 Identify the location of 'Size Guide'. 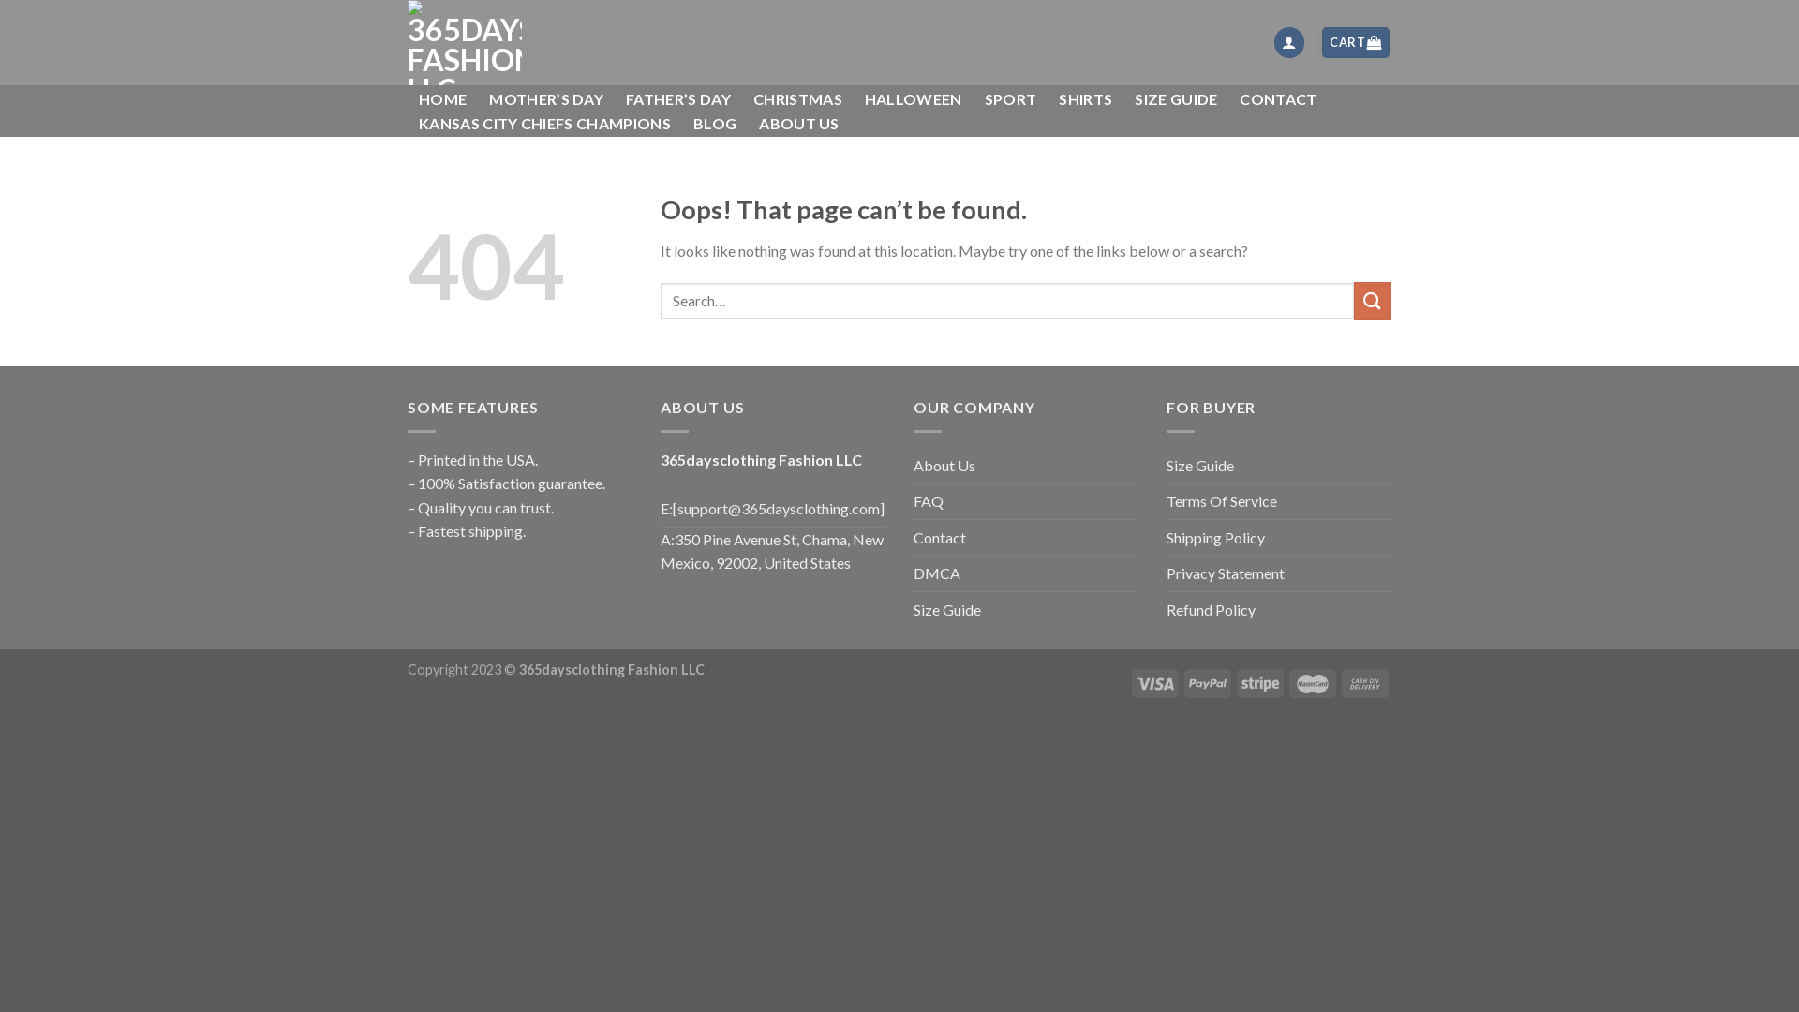
(1200, 465).